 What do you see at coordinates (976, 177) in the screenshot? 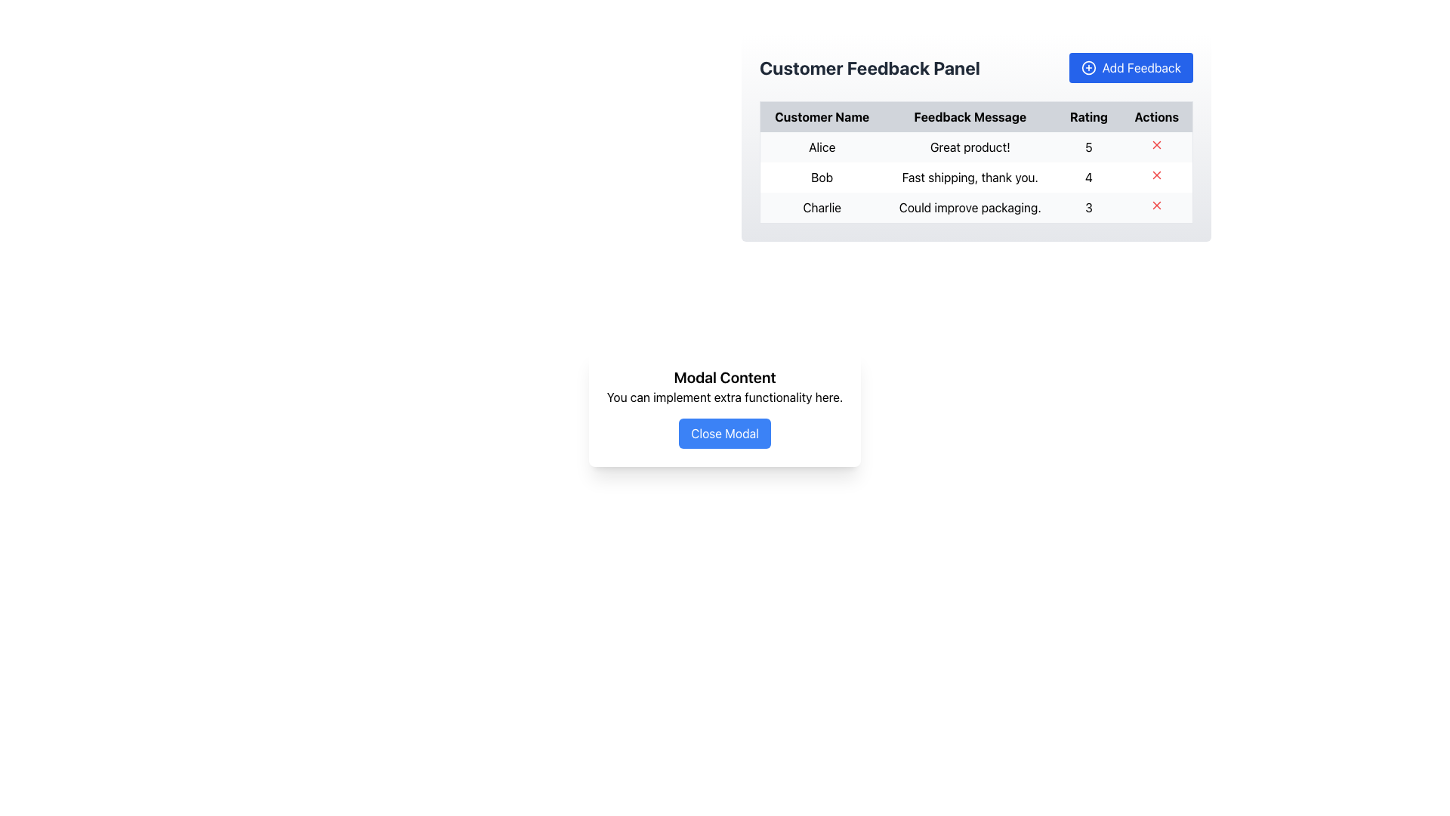
I see `the second row of the feedback table in the Customer Feedback Panel, which displays the customer's name 'Bob' and the feedback text 'Fast shipping, thank you.'` at bounding box center [976, 177].